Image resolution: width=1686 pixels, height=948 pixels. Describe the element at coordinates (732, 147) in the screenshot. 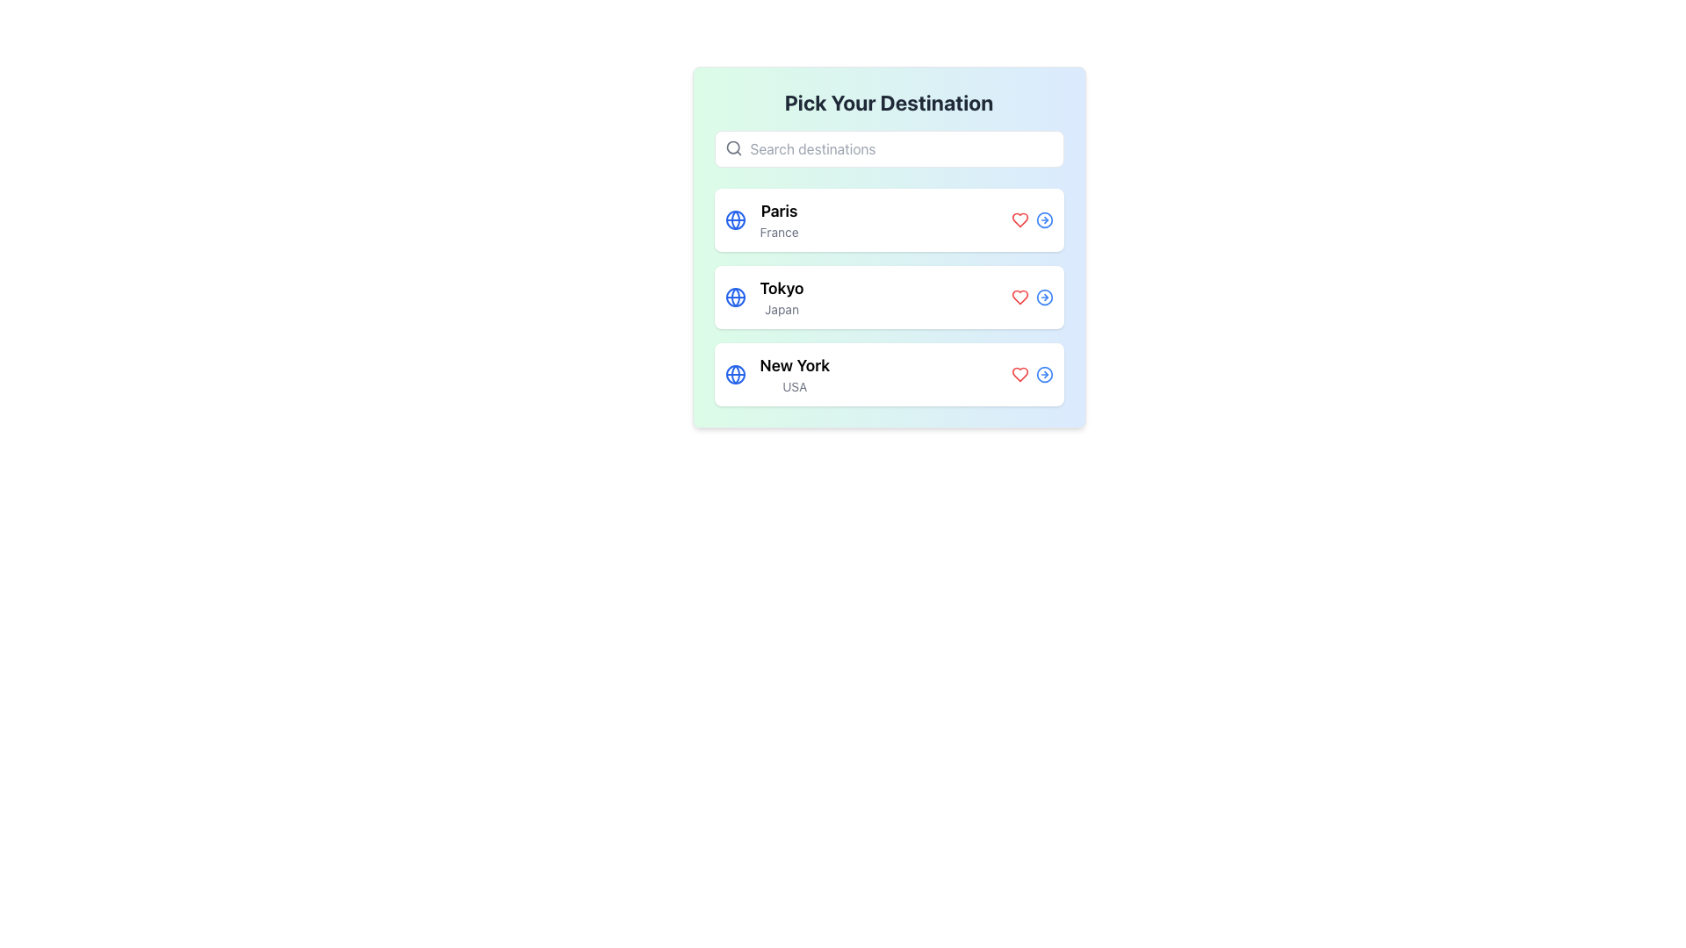

I see `the circular element representing the lens of the magnifying glass in the search icon located in the search bar at the top of the panel` at that location.